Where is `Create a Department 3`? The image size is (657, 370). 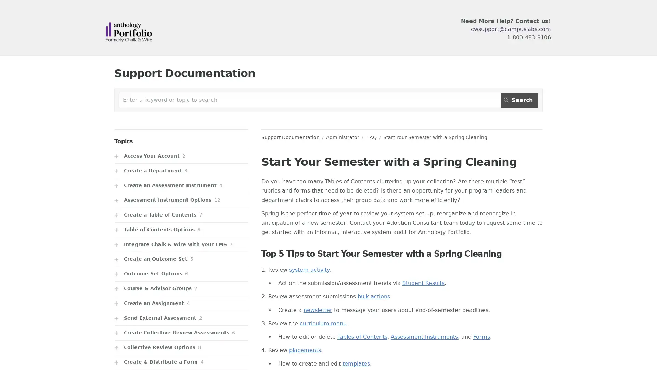 Create a Department 3 is located at coordinates (181, 170).